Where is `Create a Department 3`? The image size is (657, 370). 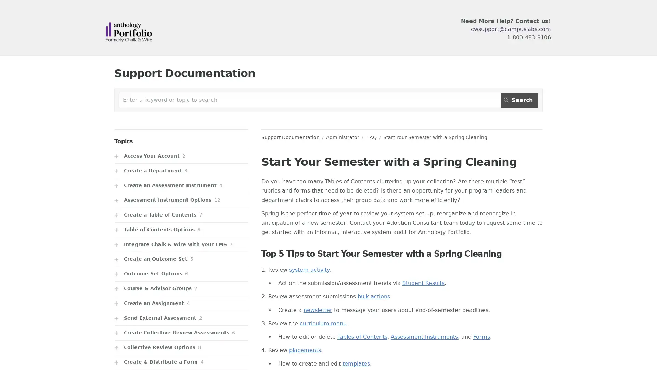 Create a Department 3 is located at coordinates (181, 170).